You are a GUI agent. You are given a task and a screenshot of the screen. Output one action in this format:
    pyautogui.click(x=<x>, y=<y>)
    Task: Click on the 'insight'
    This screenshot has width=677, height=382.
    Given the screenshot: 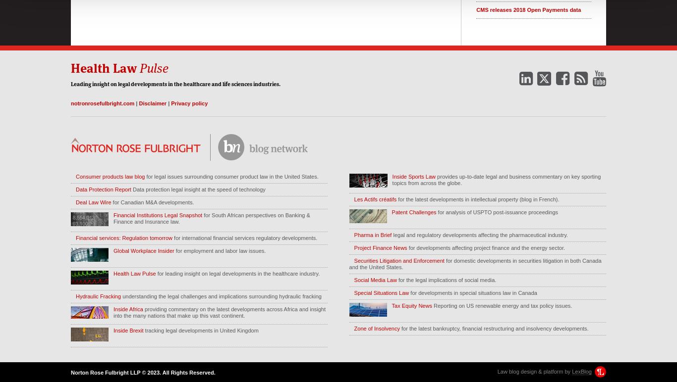 What is the action you would take?
    pyautogui.click(x=92, y=83)
    